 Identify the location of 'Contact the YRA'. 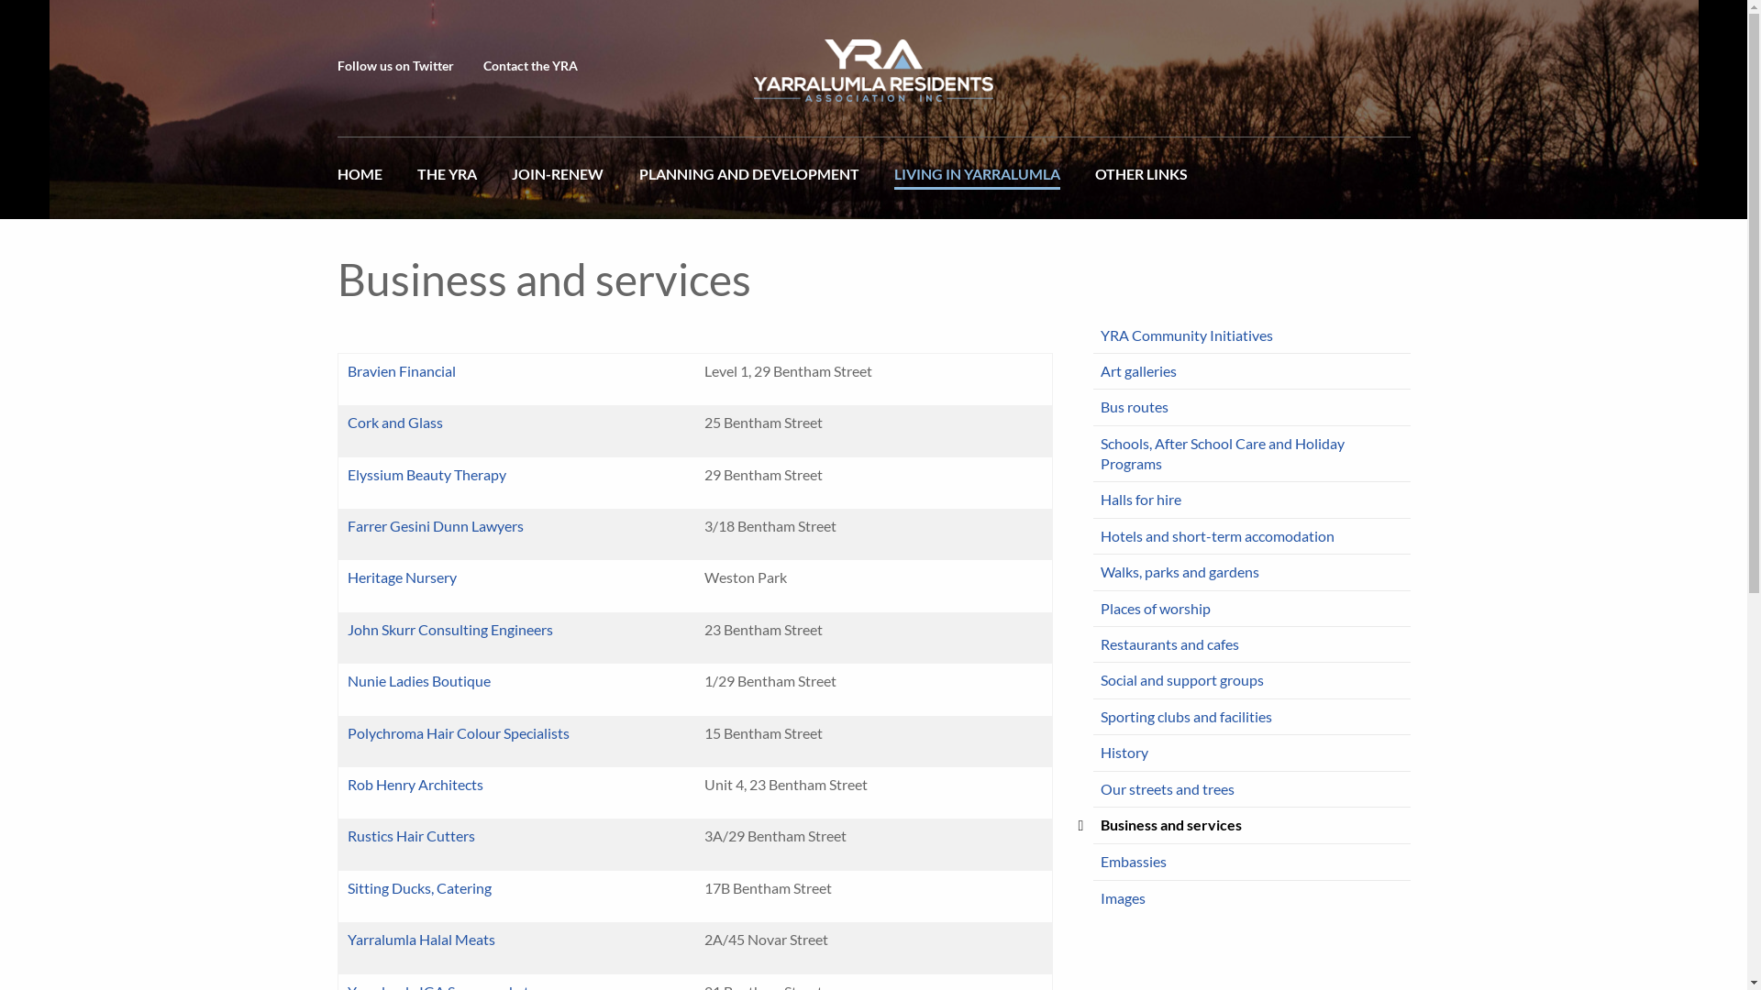
(528, 66).